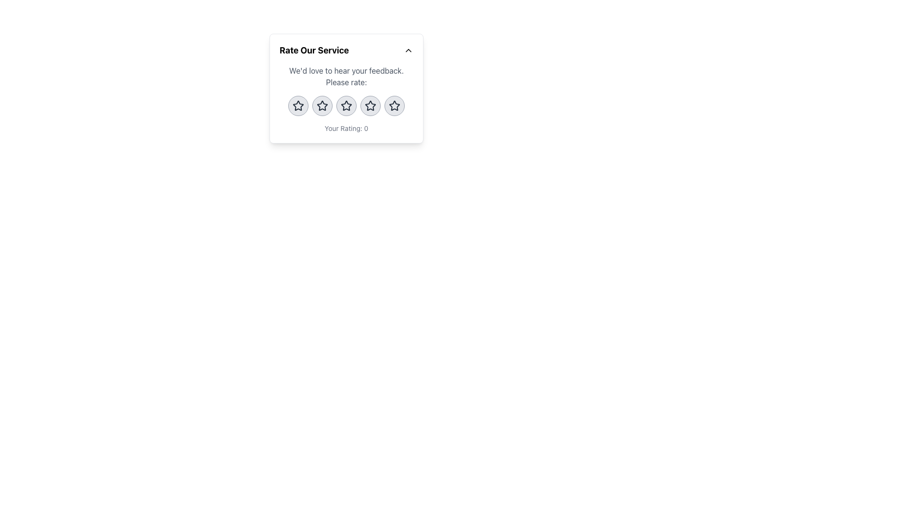  Describe the element at coordinates (297, 105) in the screenshot. I see `the first star button in the 5-star rating system` at that location.